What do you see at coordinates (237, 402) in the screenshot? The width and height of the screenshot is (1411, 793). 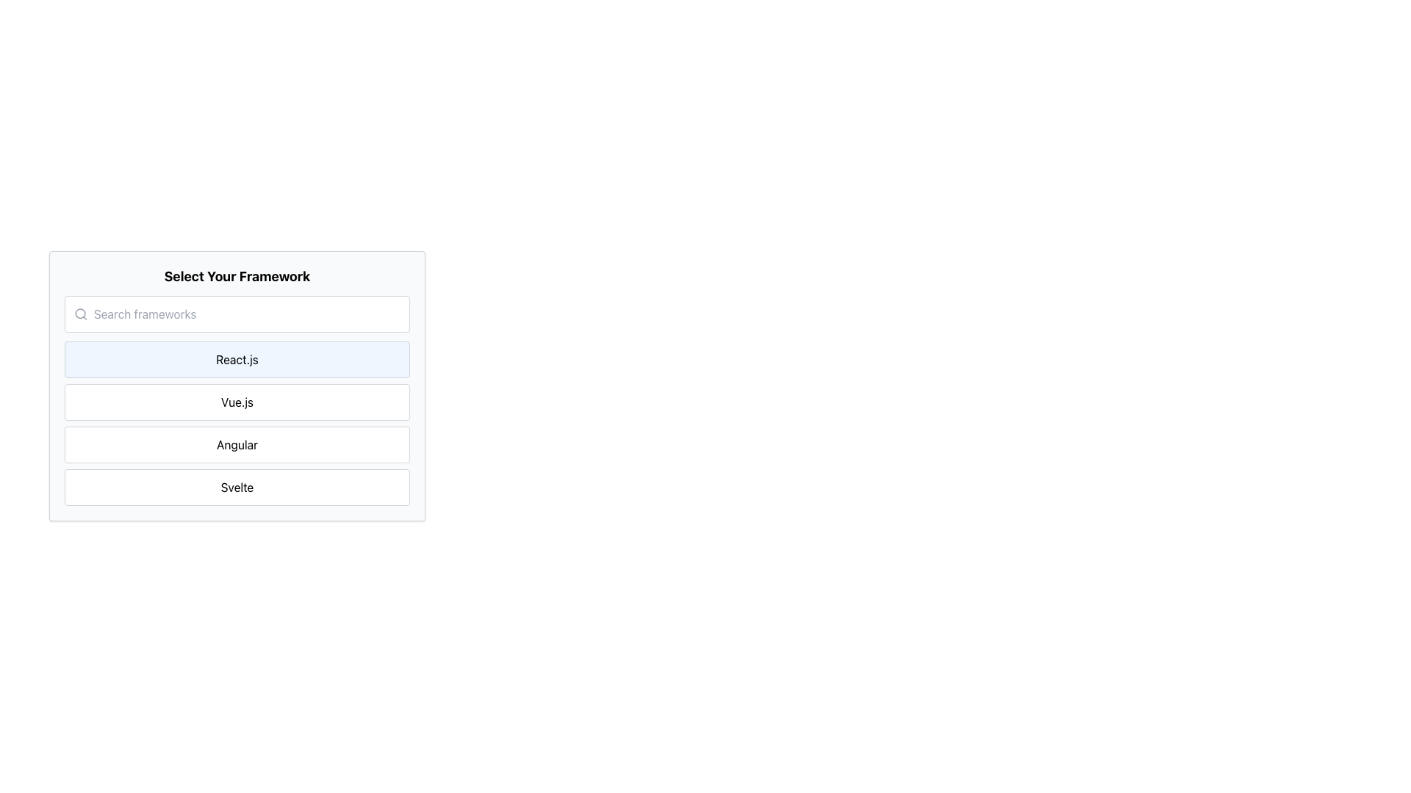 I see `the 'Vue.js' button, which is a rectangular button with a white background and gray border, located beneath the 'React.js' button and above the 'Angular' button` at bounding box center [237, 402].